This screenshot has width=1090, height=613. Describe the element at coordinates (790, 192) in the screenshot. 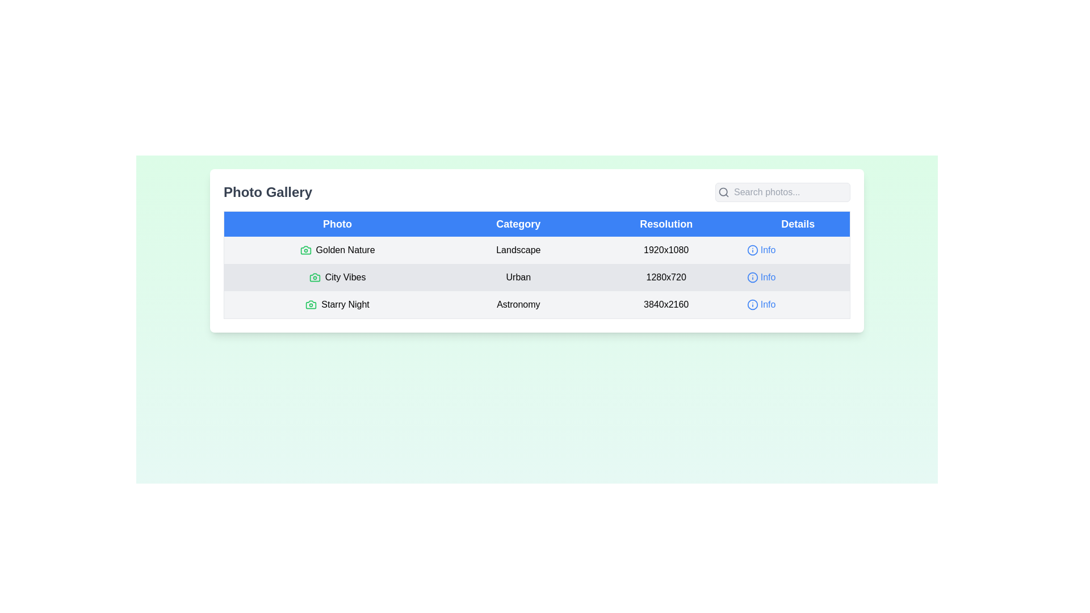

I see `the transparent text input field with placeholder text 'Search photos...' to focus on it` at that location.